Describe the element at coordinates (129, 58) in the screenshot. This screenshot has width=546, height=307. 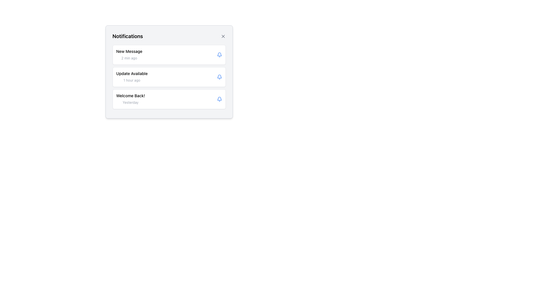
I see `the text label displaying '2 min ago' located below the title 'New Message' in the third notification card` at that location.